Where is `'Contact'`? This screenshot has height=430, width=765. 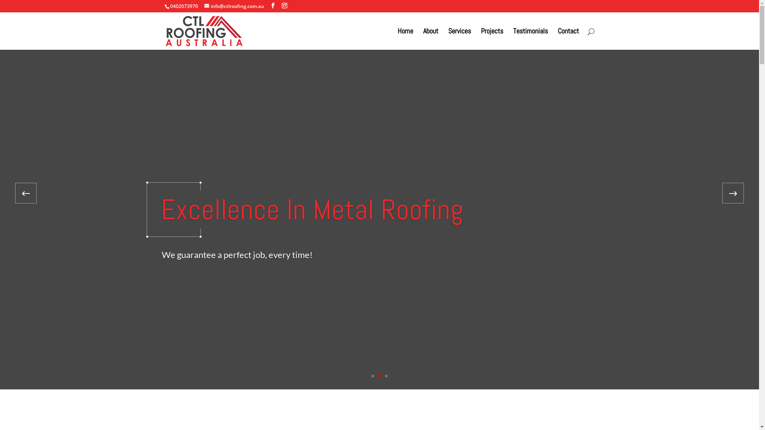 'Contact' is located at coordinates (568, 39).